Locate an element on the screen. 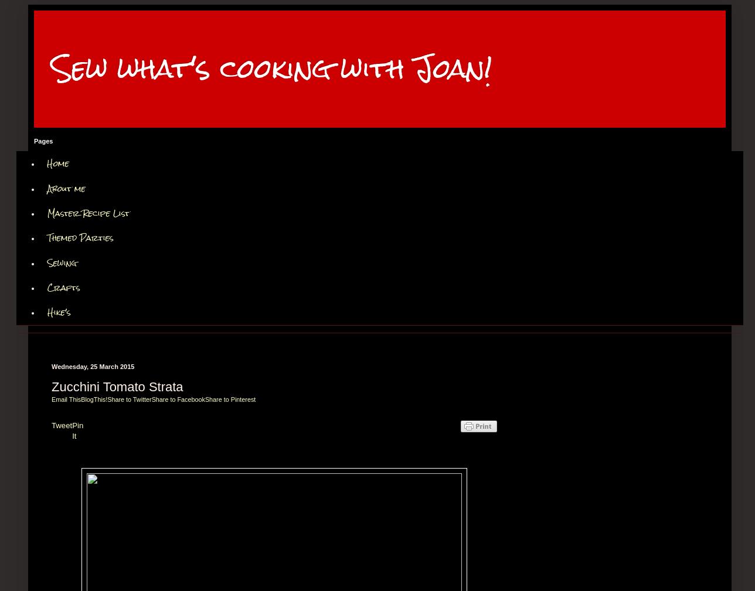 The height and width of the screenshot is (591, 755). 'Sew what's cooking with Joan!' is located at coordinates (51, 68).